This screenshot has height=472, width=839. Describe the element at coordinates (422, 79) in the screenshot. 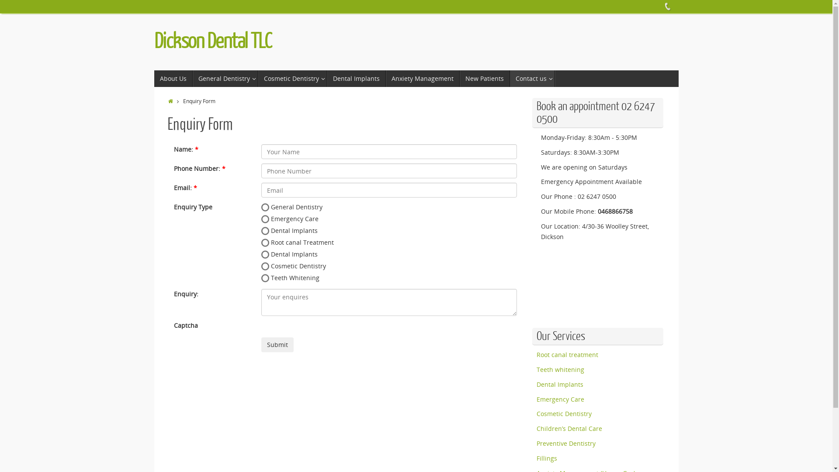

I see `'Anxiety Management'` at that location.